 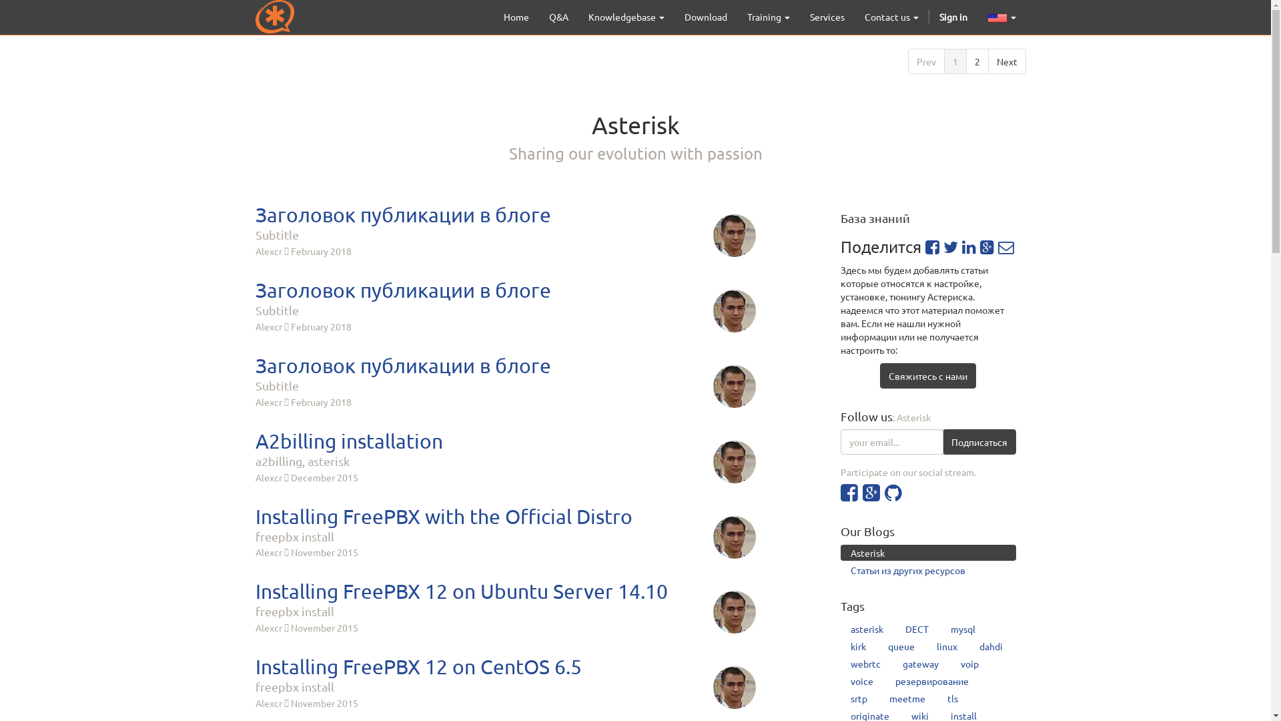 What do you see at coordinates (963, 628) in the screenshot?
I see `'mysql'` at bounding box center [963, 628].